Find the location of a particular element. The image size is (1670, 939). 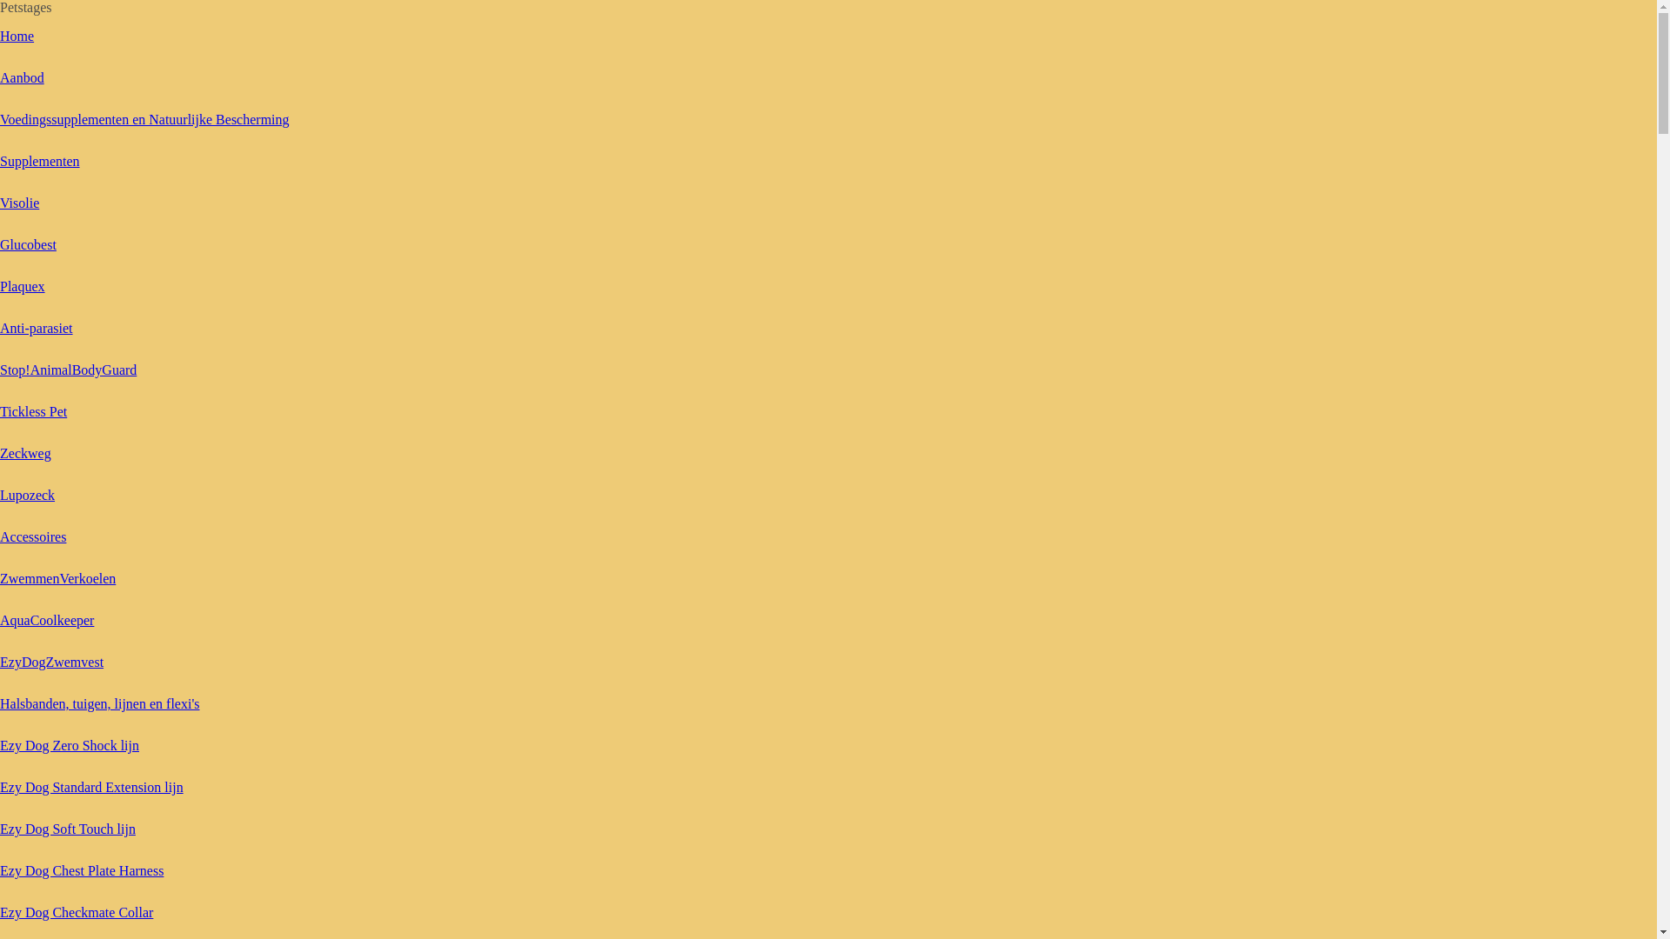

'Zeckweg' is located at coordinates (25, 452).